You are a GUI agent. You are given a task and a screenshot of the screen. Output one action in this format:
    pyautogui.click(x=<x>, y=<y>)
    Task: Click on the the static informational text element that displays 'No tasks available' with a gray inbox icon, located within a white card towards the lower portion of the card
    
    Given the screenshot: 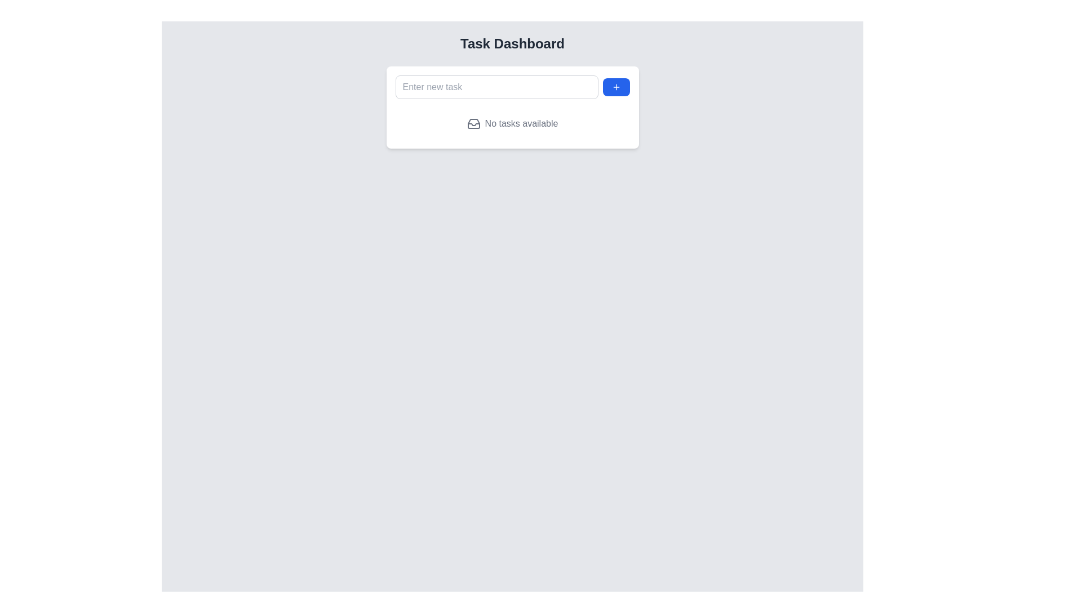 What is the action you would take?
    pyautogui.click(x=512, y=123)
    